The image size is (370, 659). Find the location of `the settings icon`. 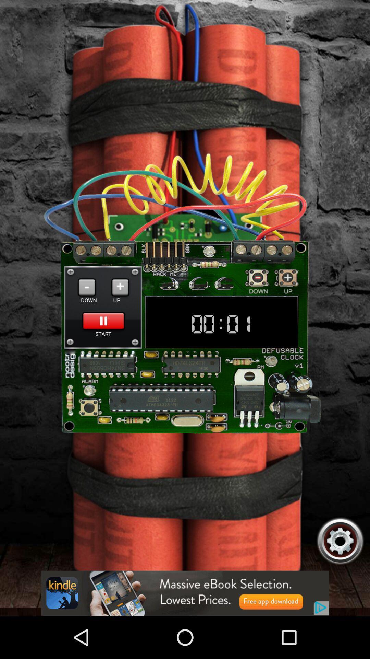

the settings icon is located at coordinates (340, 578).